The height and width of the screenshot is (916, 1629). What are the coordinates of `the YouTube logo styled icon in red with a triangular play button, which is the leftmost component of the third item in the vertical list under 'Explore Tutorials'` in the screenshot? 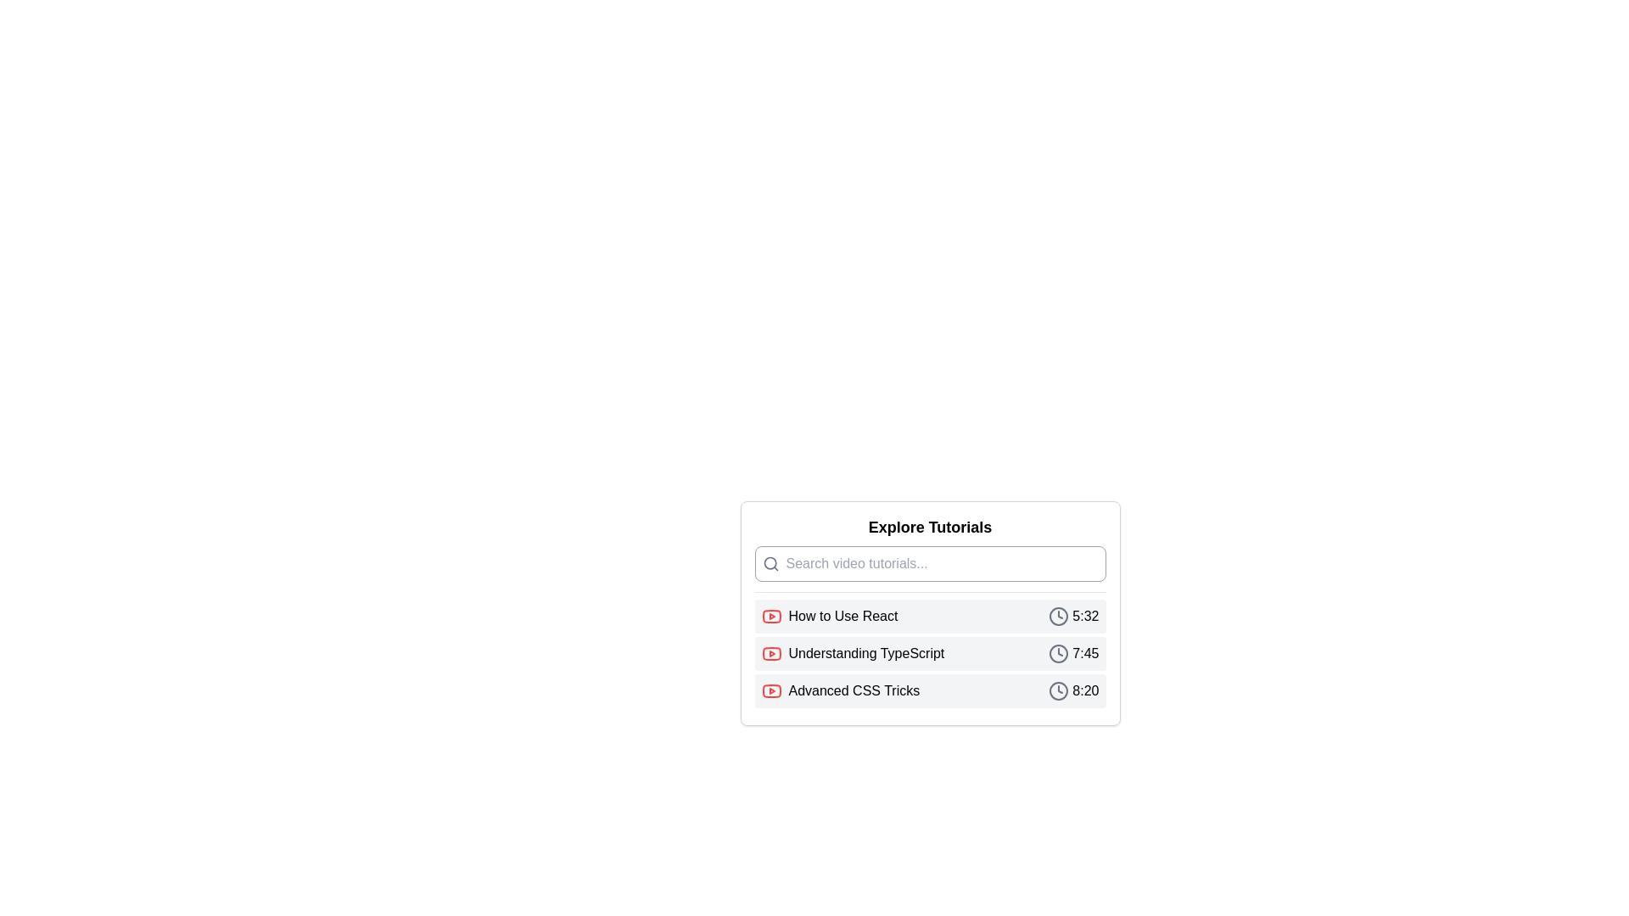 It's located at (770, 690).